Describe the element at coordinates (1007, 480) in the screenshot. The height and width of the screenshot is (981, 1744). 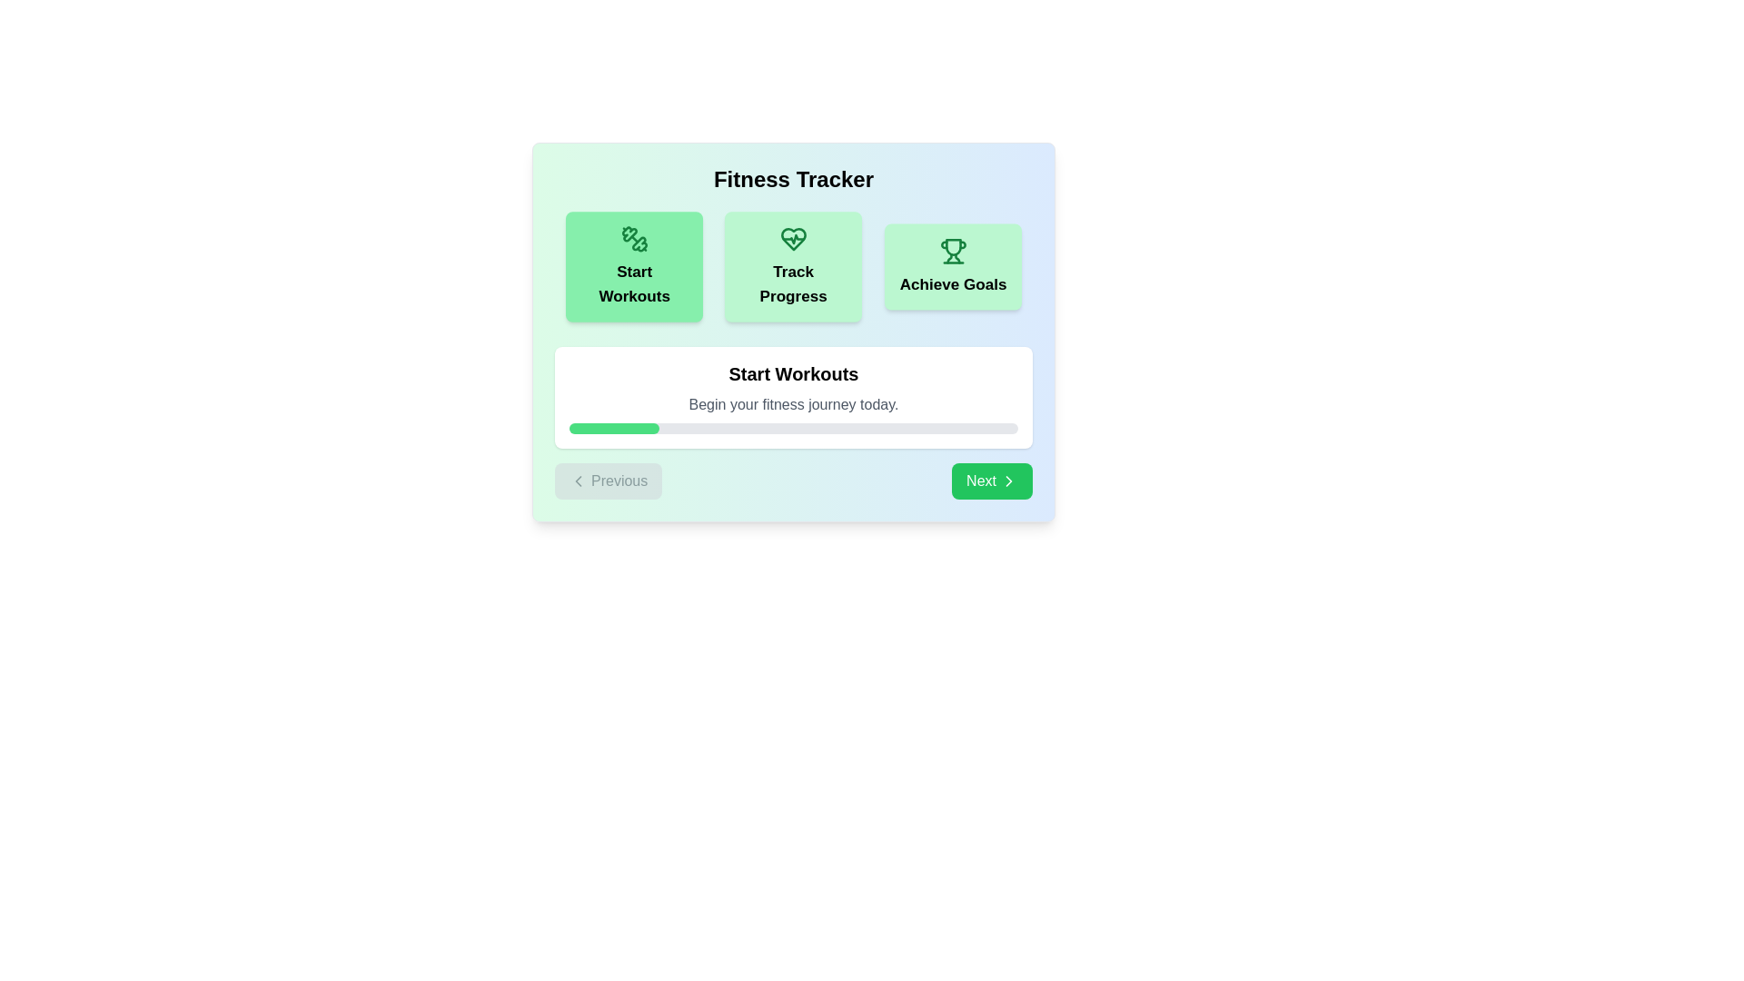
I see `the green 'Next' button located at the bottom-right corner of the dialog box` at that location.